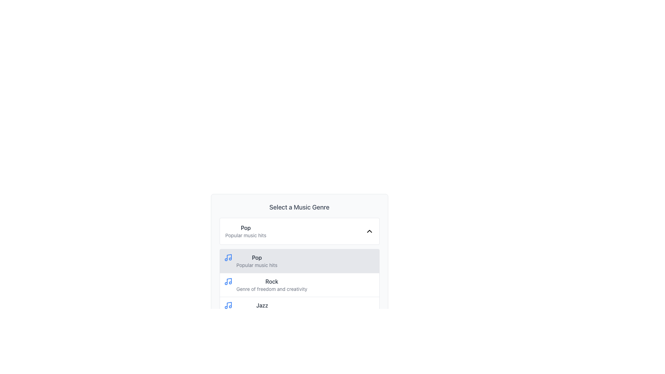 The image size is (665, 374). What do you see at coordinates (262, 313) in the screenshot?
I see `the informational text label providing additional context about the 'Jazz' music genre, which is directly underneath the bolded title 'Jazz'` at bounding box center [262, 313].